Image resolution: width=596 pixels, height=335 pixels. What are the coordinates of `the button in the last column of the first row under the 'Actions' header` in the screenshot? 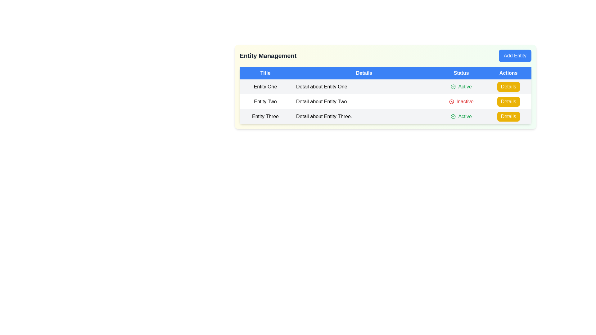 It's located at (508, 87).